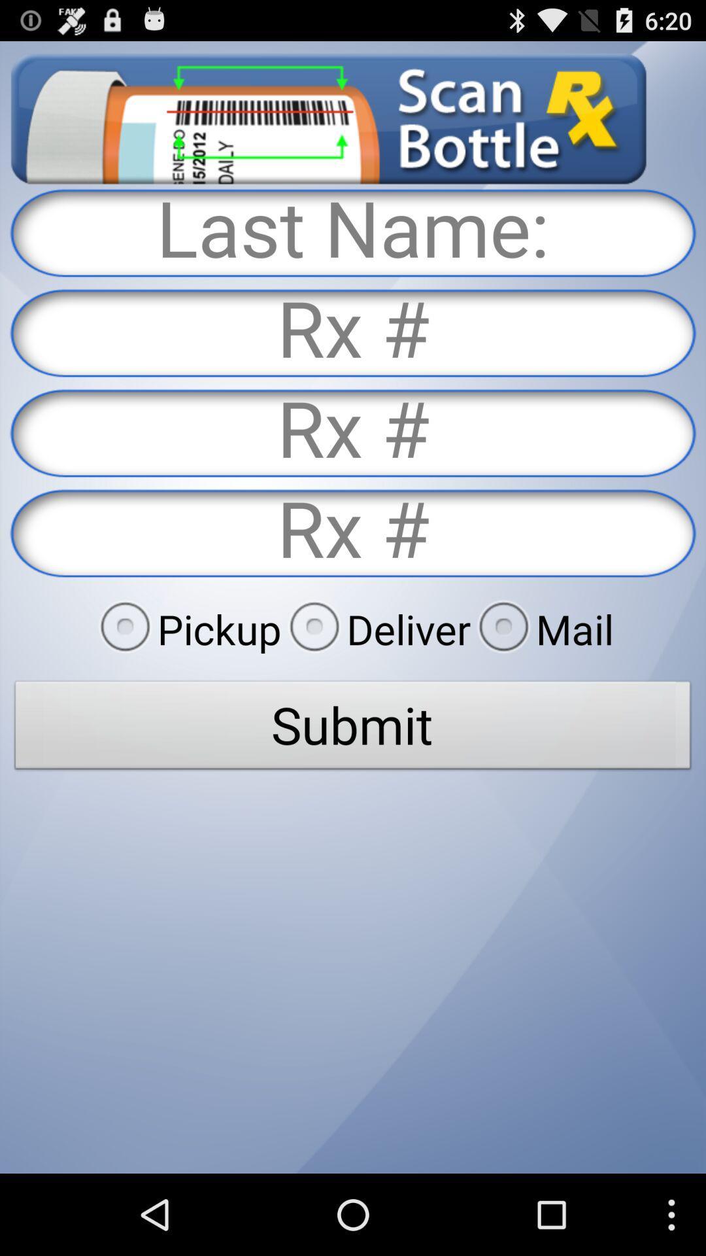 The height and width of the screenshot is (1256, 706). I want to click on item above the submit button, so click(376, 629).